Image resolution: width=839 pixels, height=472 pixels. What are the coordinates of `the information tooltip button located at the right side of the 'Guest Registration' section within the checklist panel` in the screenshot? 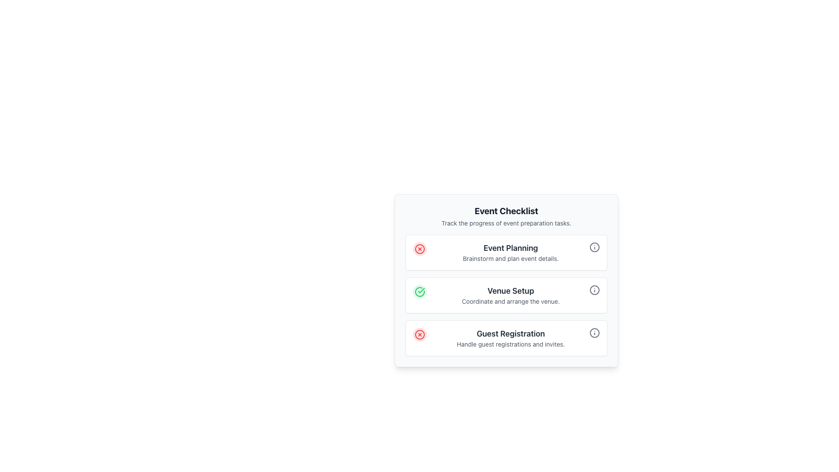 It's located at (594, 333).